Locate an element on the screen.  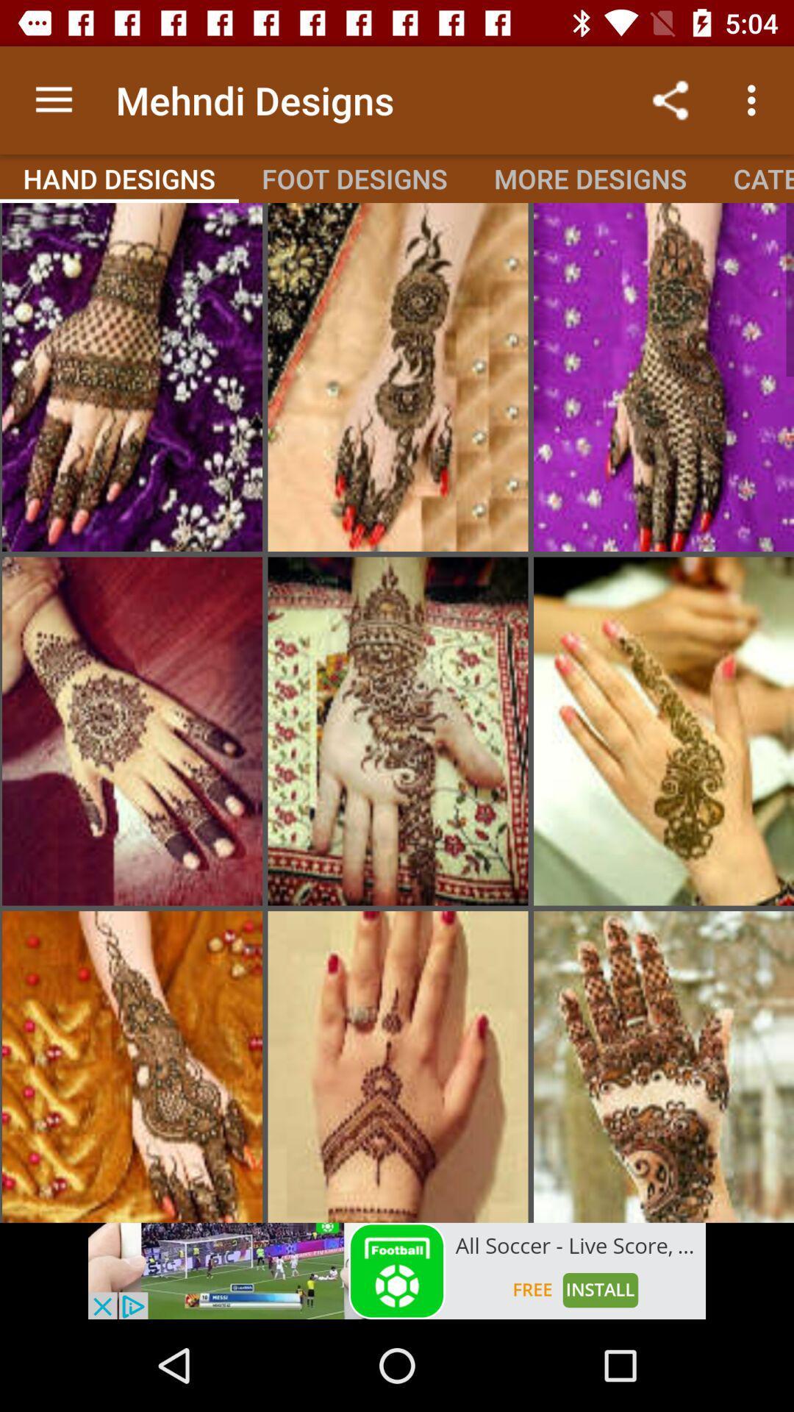
to go wood is located at coordinates (132, 731).